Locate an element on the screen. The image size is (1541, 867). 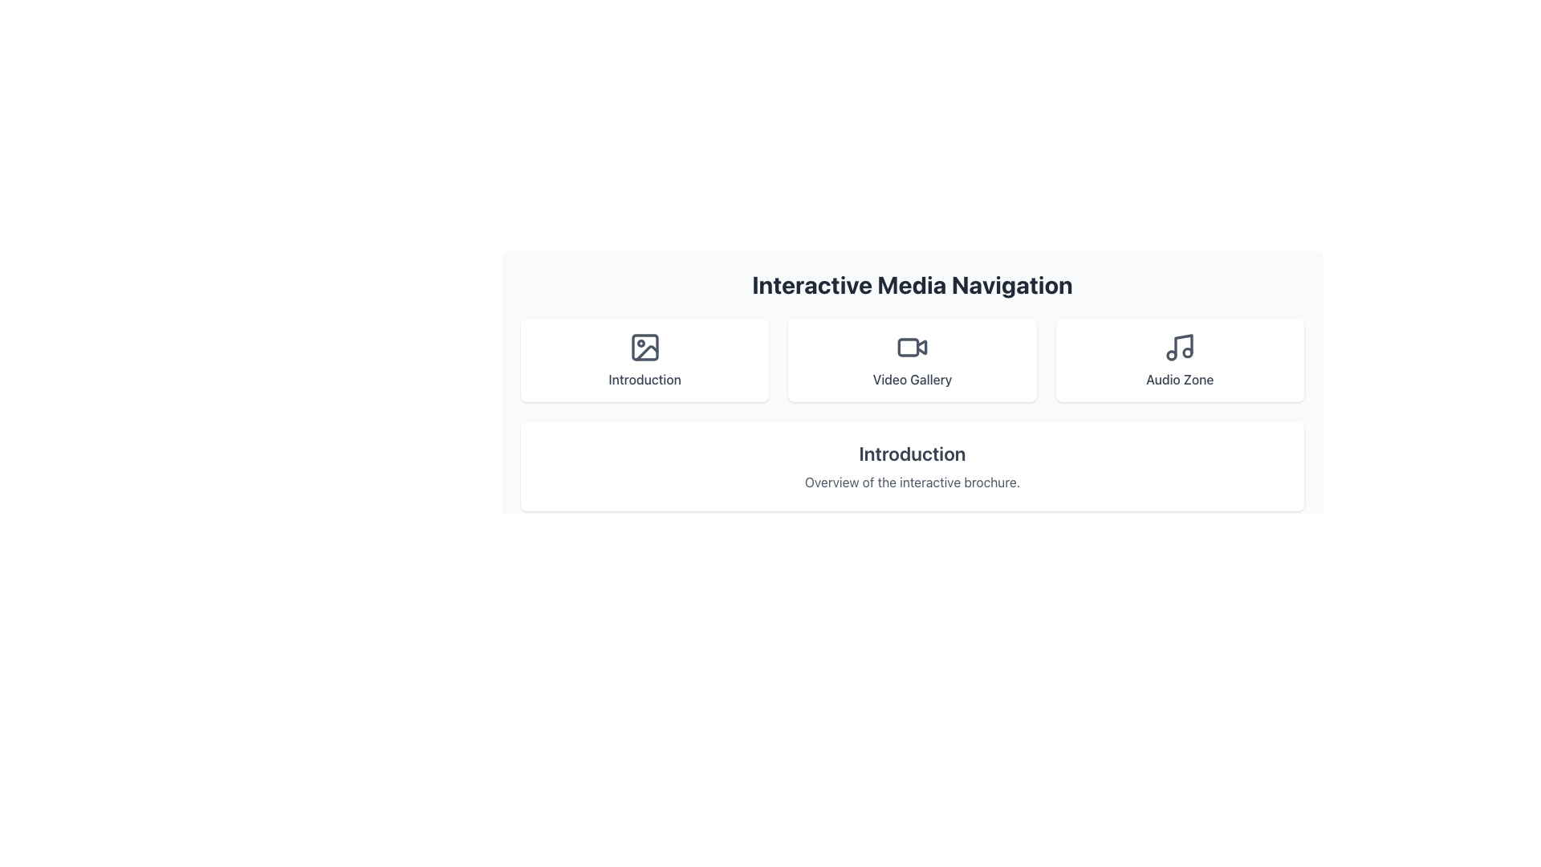
the navigational button that directs the user to the 'Audio Zone' section is located at coordinates (1180, 359).